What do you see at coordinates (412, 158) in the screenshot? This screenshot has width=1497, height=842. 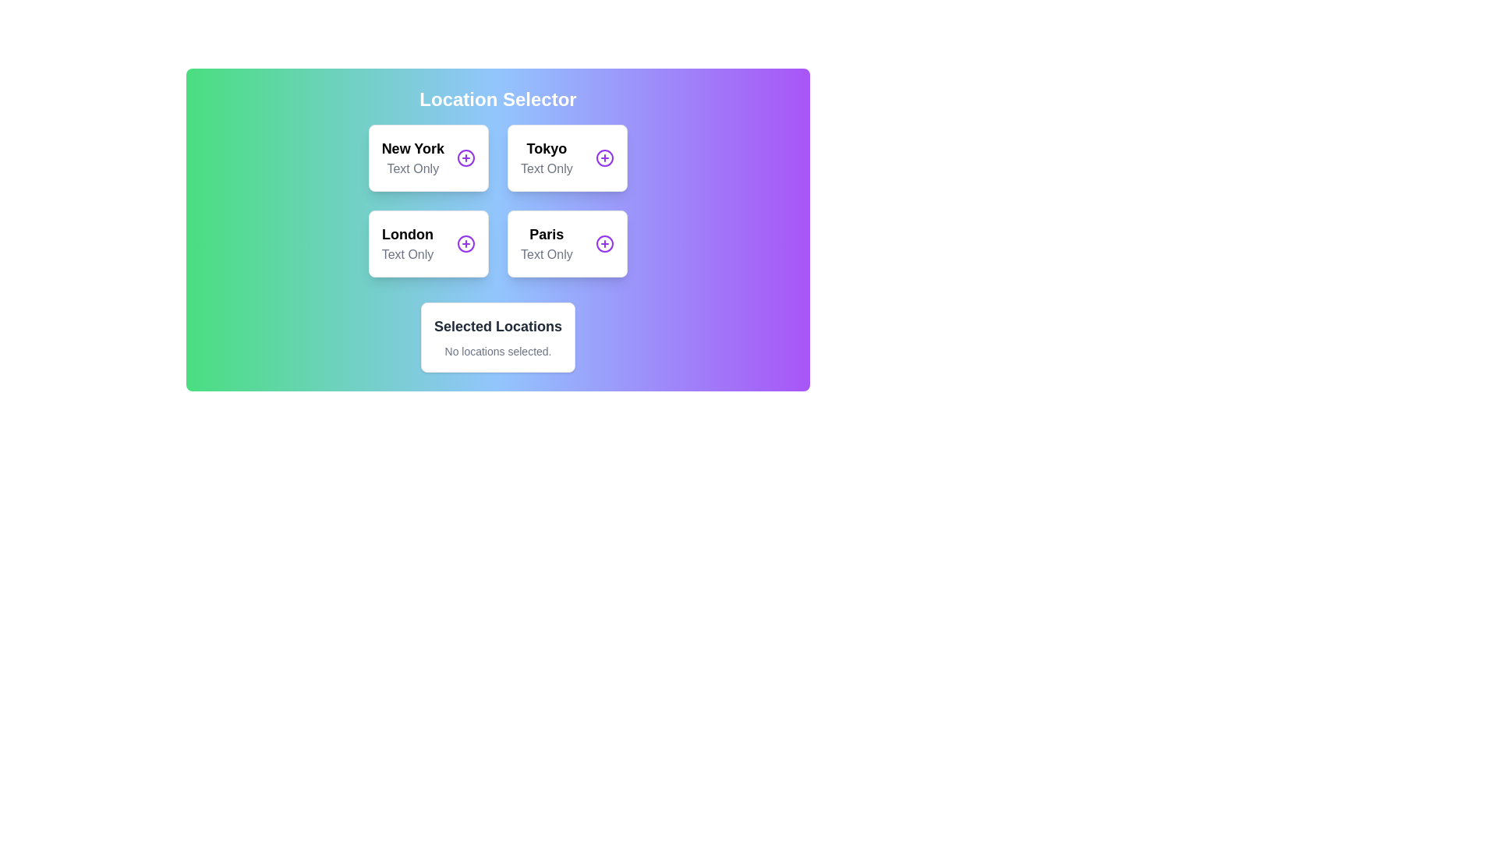 I see `the 'New York' text label, which is the first element in a two-by-two grid layout` at bounding box center [412, 158].